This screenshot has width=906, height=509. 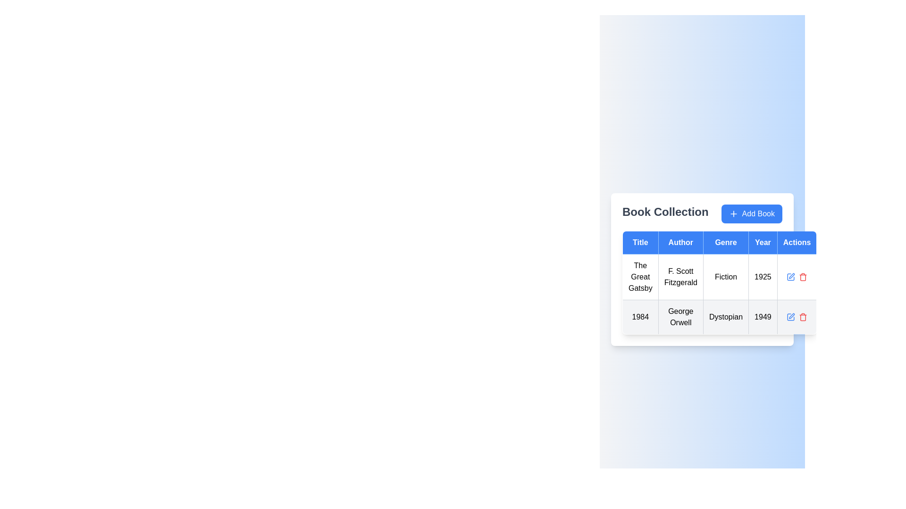 I want to click on the table cell containing the text 'Fiction' in the third column under the 'Genre' header of the first row for the book 'The Great Gatsby', so click(x=719, y=282).